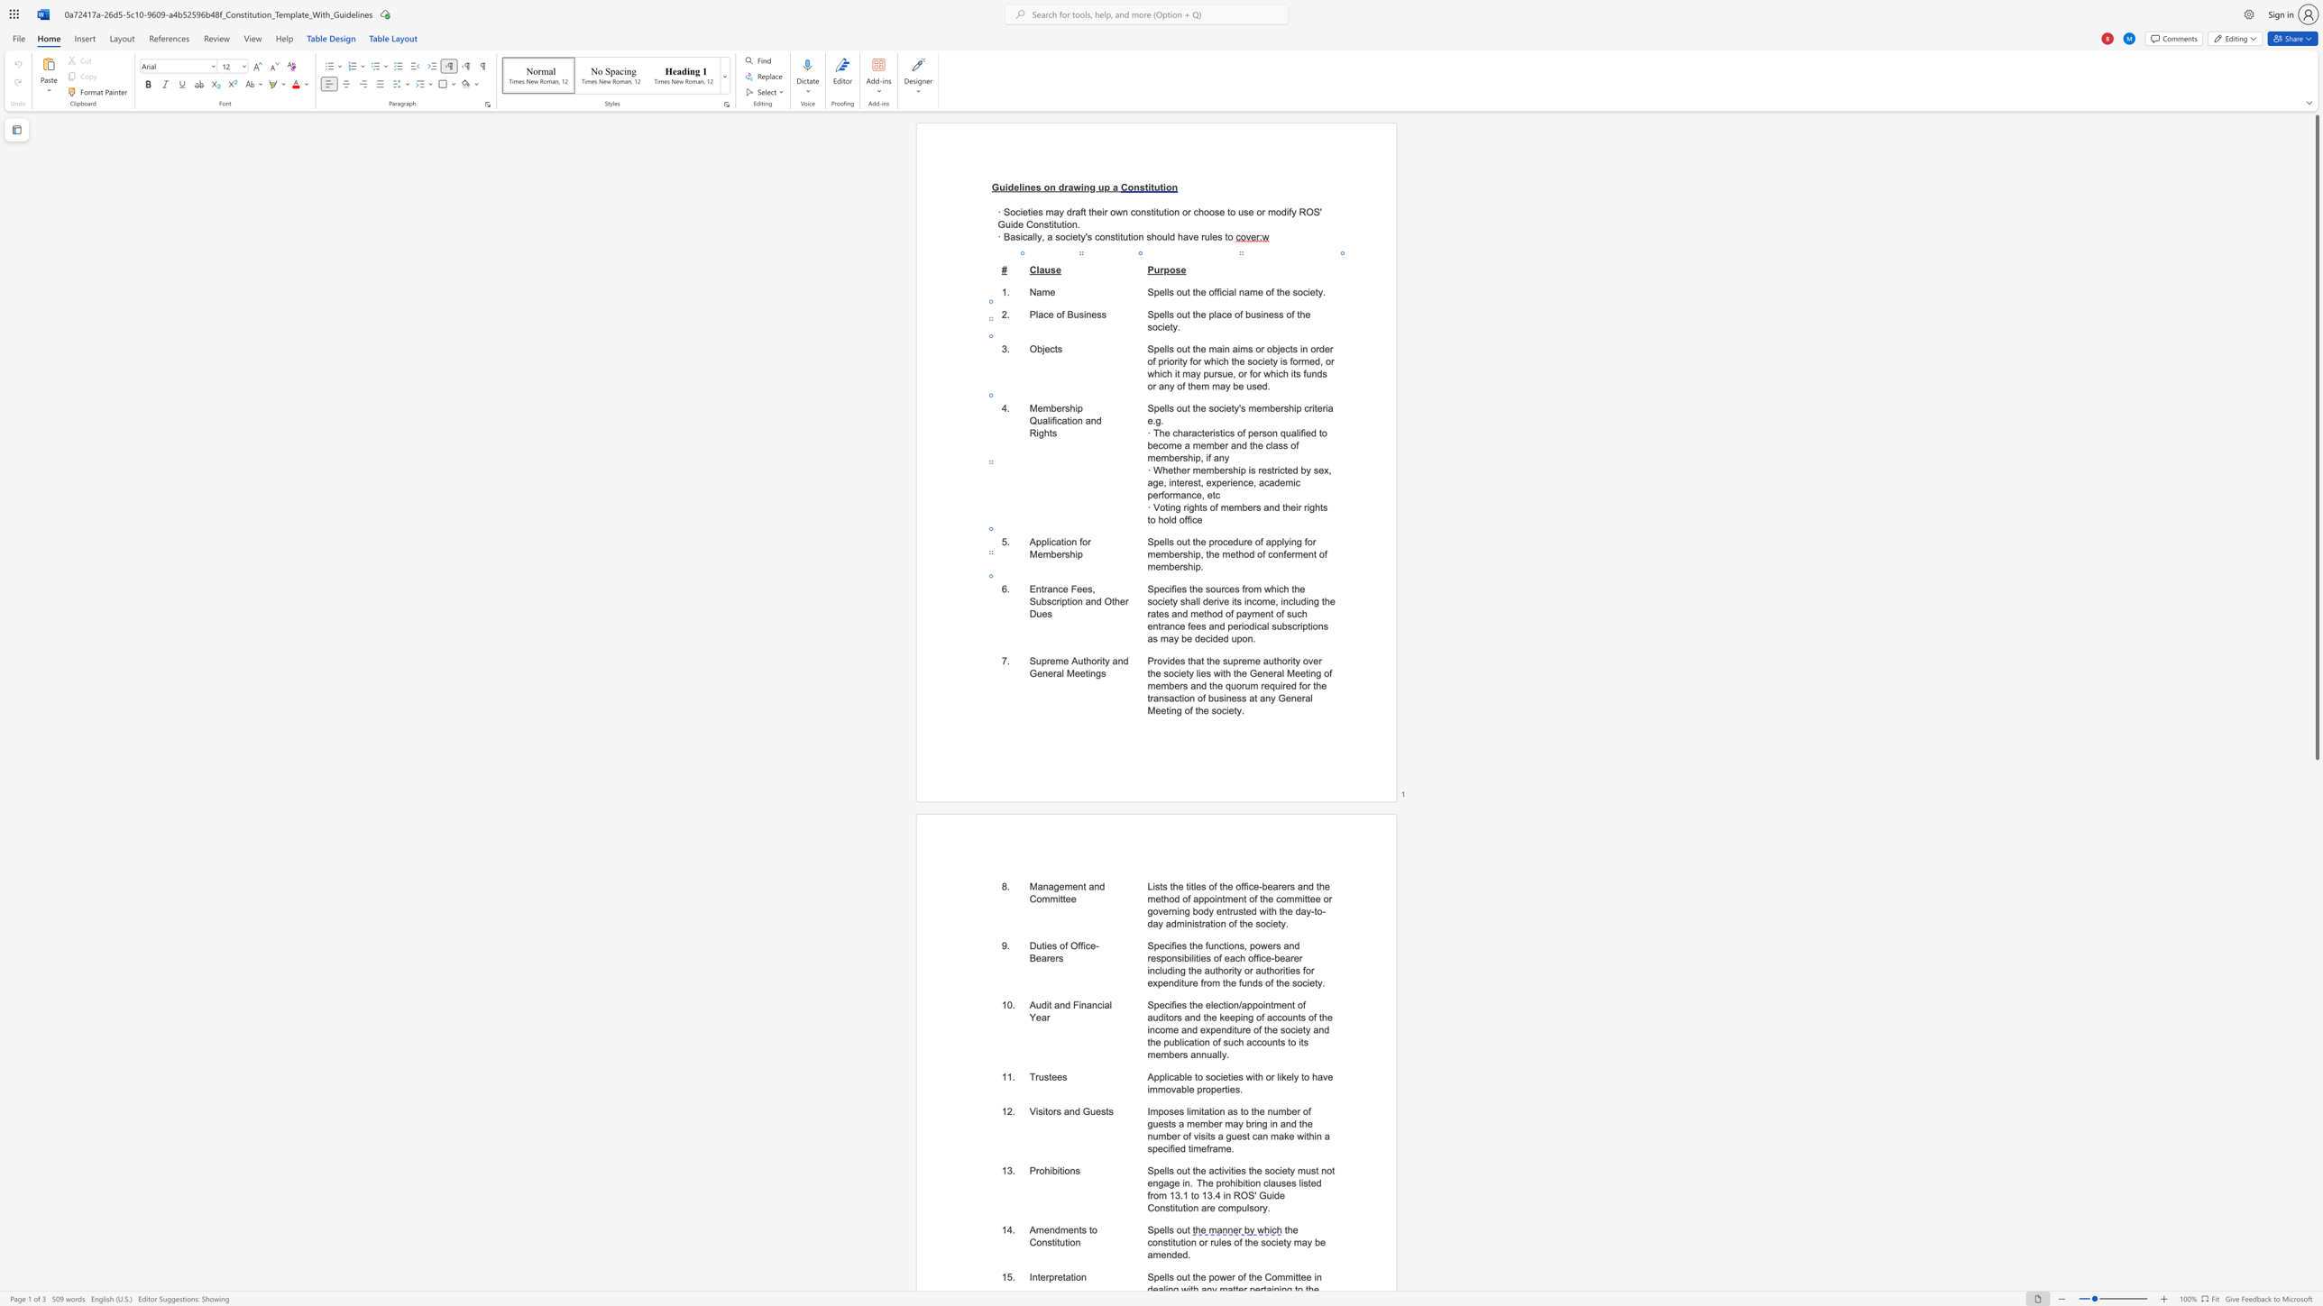 Image resolution: width=2323 pixels, height=1306 pixels. What do you see at coordinates (1221, 588) in the screenshot?
I see `the 1th character "r" in the text` at bounding box center [1221, 588].